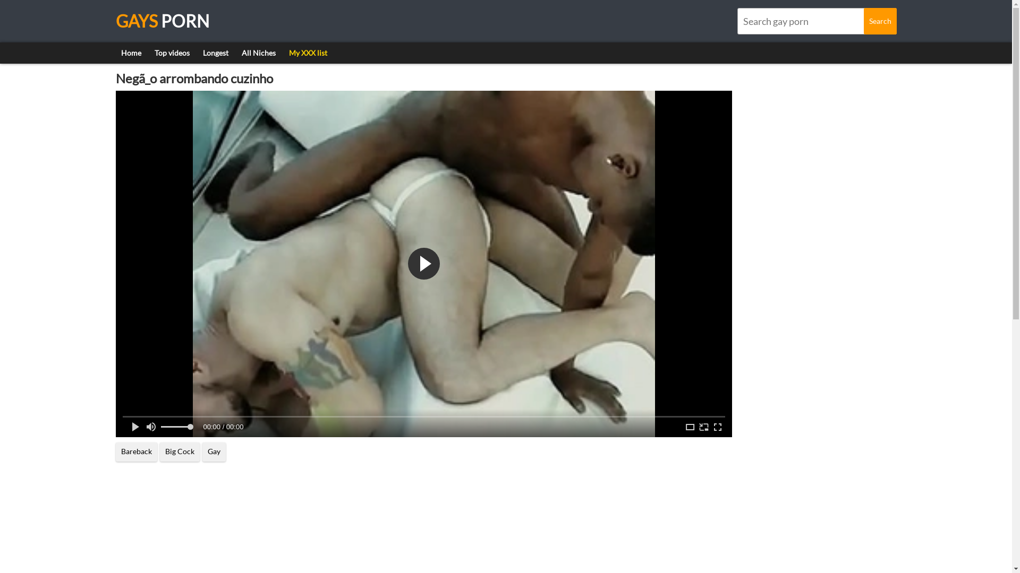 Image resolution: width=1020 pixels, height=573 pixels. What do you see at coordinates (130, 53) in the screenshot?
I see `'Home'` at bounding box center [130, 53].